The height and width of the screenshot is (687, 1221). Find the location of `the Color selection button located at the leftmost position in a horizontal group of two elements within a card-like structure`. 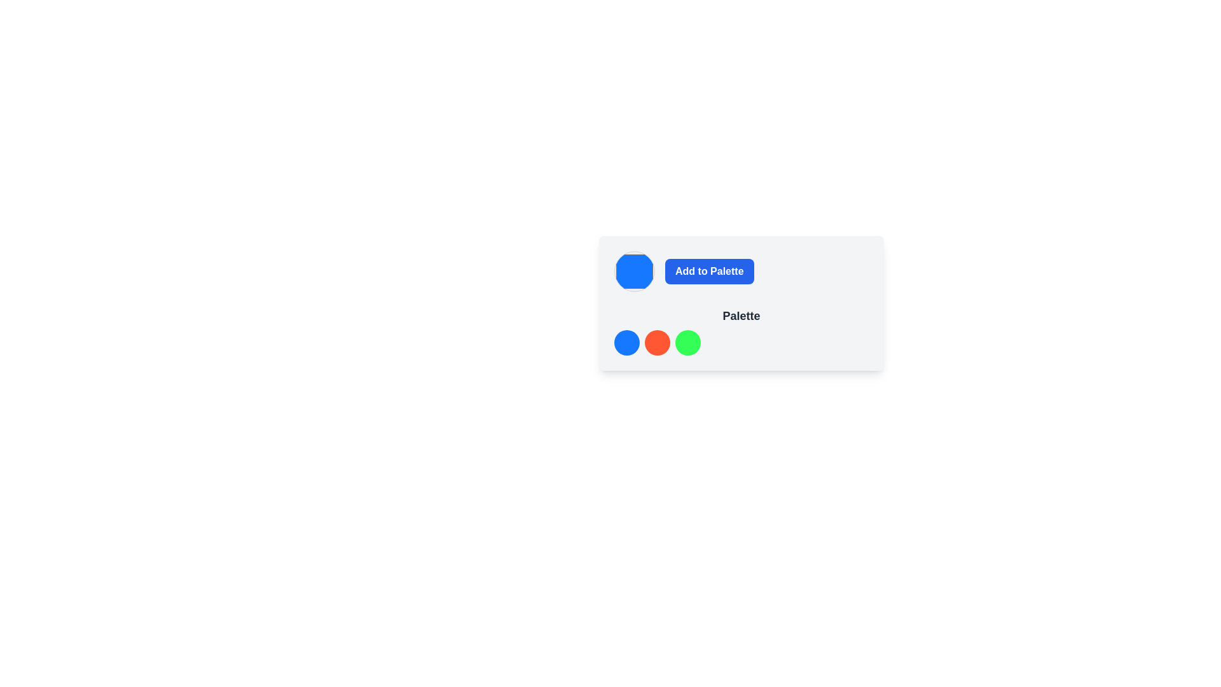

the Color selection button located at the leftmost position in a horizontal group of two elements within a card-like structure is located at coordinates (635, 271).